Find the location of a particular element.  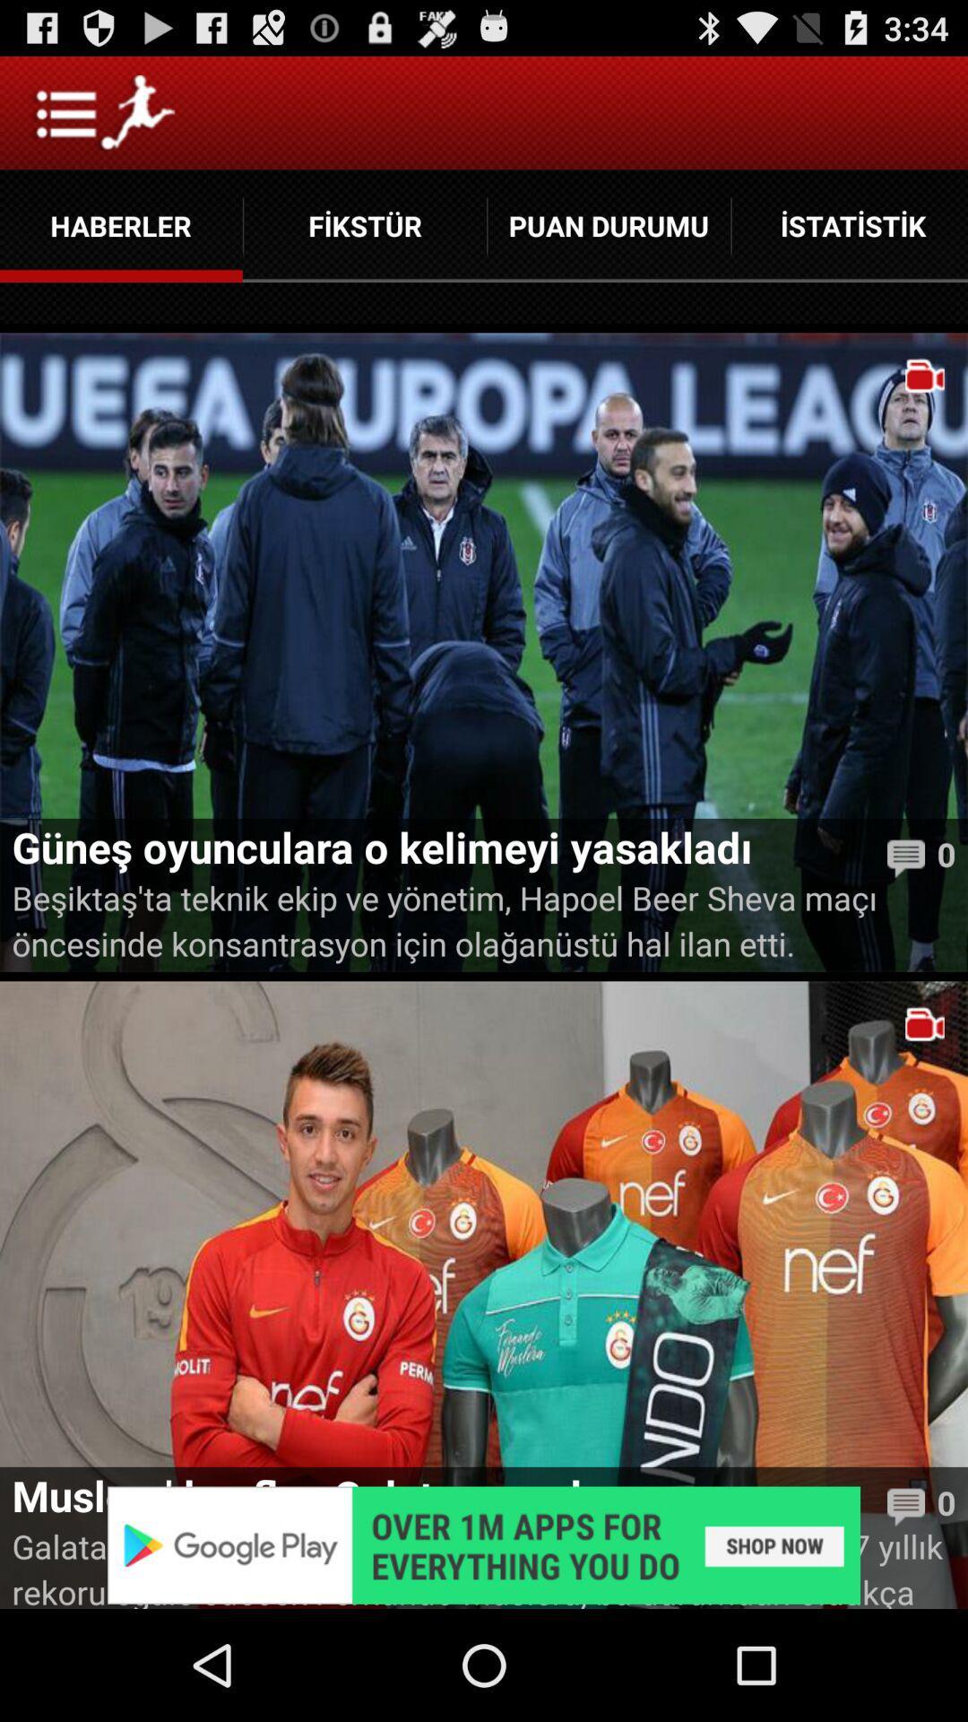

the button above haberler is located at coordinates (103, 111).